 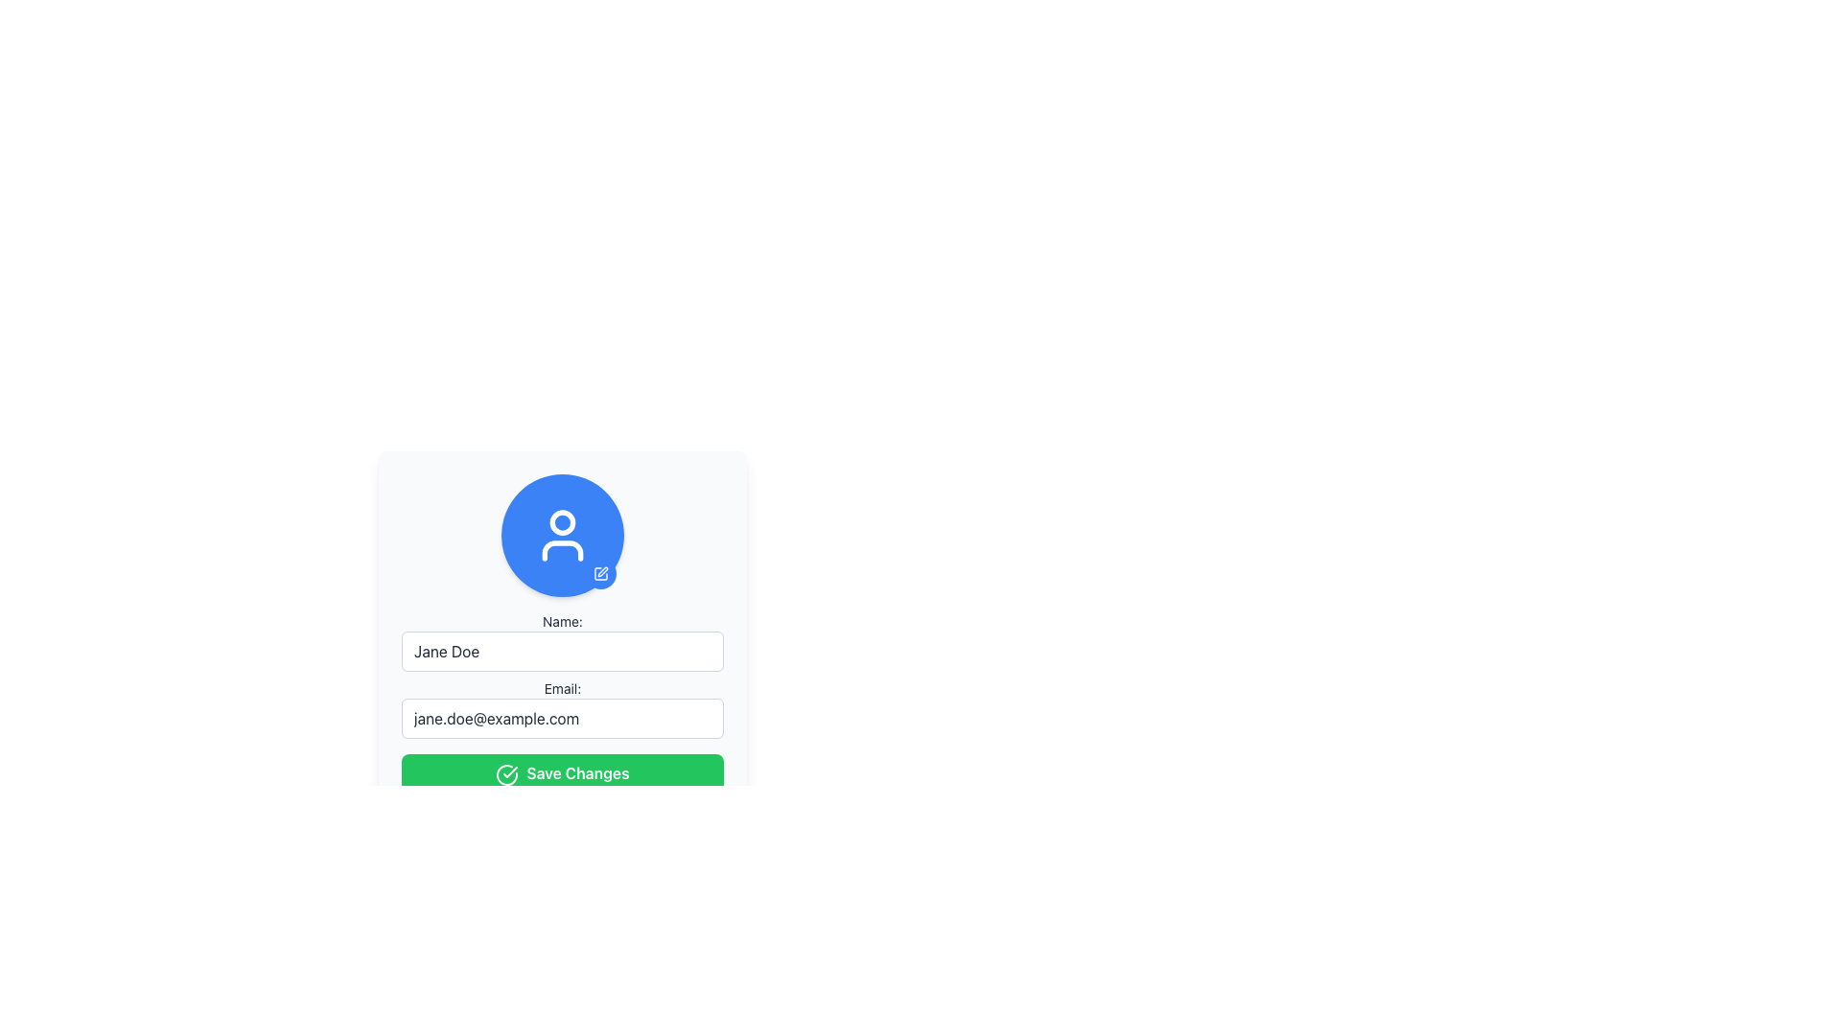 What do you see at coordinates (507, 773) in the screenshot?
I see `the segment of the circular shape that is part of the checkmark-bearing icon, located on the left edge of the green 'Save Changes' button` at bounding box center [507, 773].